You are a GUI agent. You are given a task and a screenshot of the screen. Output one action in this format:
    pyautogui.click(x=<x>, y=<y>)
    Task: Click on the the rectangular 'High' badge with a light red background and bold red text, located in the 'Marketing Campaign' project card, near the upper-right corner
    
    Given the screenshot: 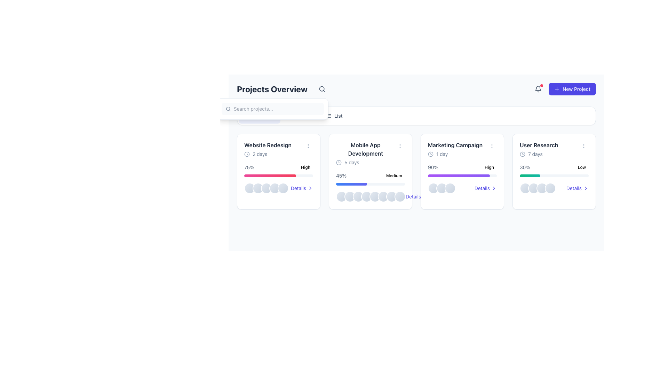 What is the action you would take?
    pyautogui.click(x=489, y=167)
    